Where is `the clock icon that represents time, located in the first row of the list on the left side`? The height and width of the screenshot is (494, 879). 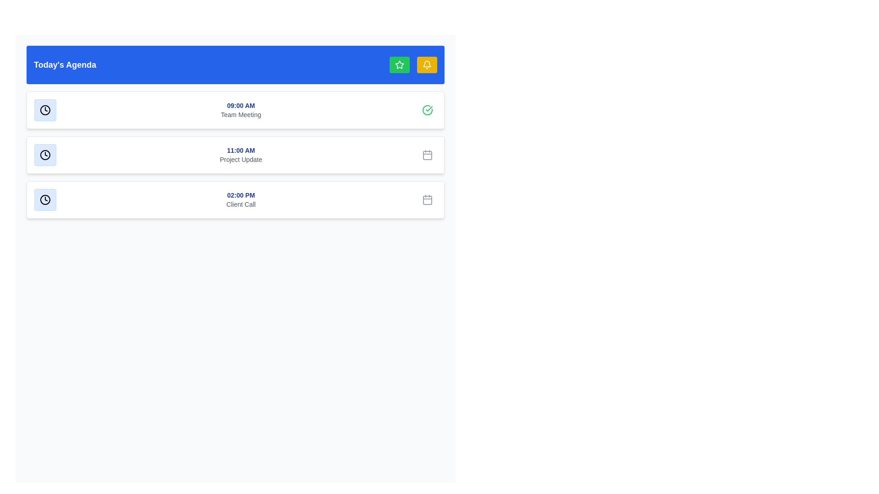 the clock icon that represents time, located in the first row of the list on the left side is located at coordinates (45, 109).